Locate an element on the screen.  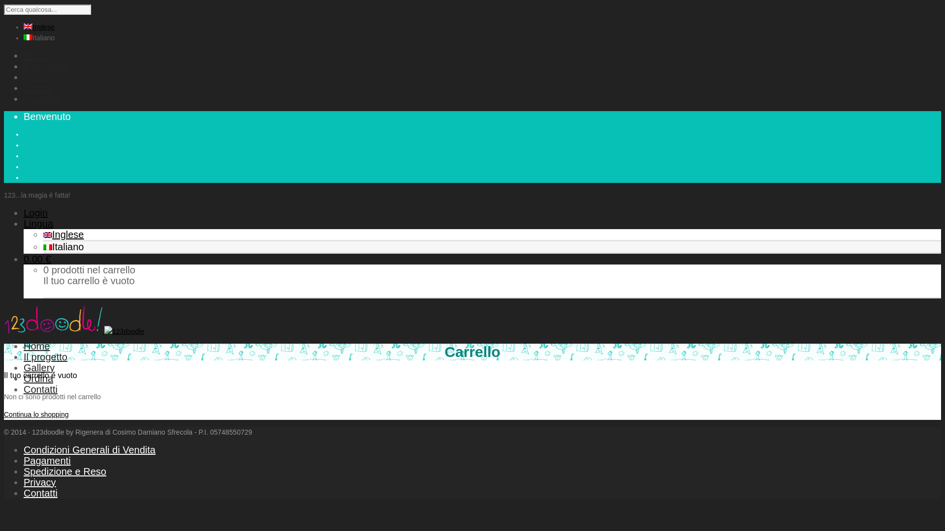
'Ordina' is located at coordinates (24, 87).